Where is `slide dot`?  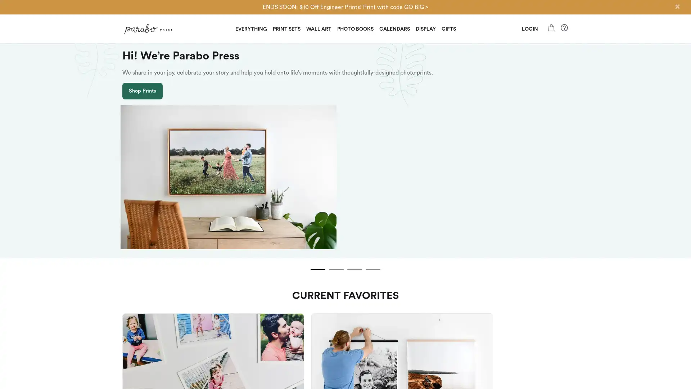 slide dot is located at coordinates (313, 199).